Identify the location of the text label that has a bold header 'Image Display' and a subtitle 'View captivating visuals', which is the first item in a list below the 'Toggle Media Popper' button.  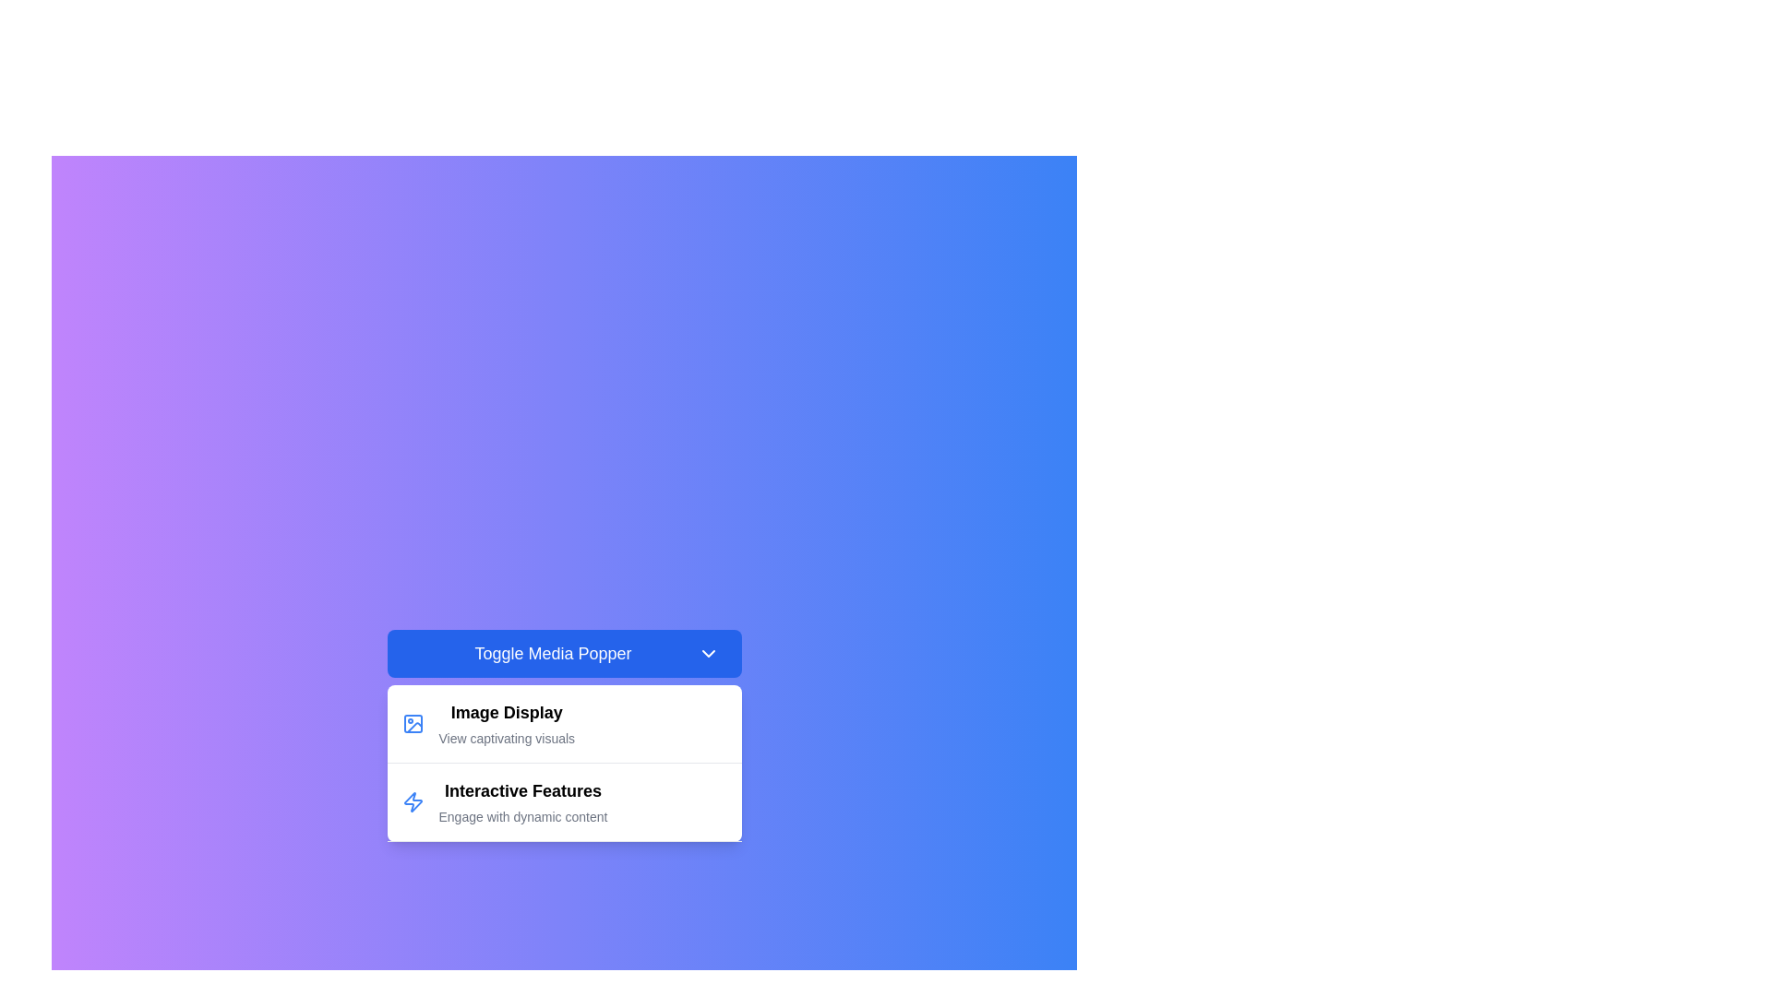
(507, 723).